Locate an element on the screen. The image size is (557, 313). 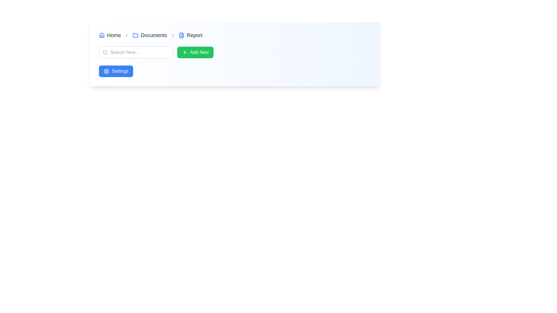
the 'Settings' text label, which is displayed in white font on a blue rounded rectangle background, located at the bottom left of the visible interface beside a settings icon is located at coordinates (120, 71).